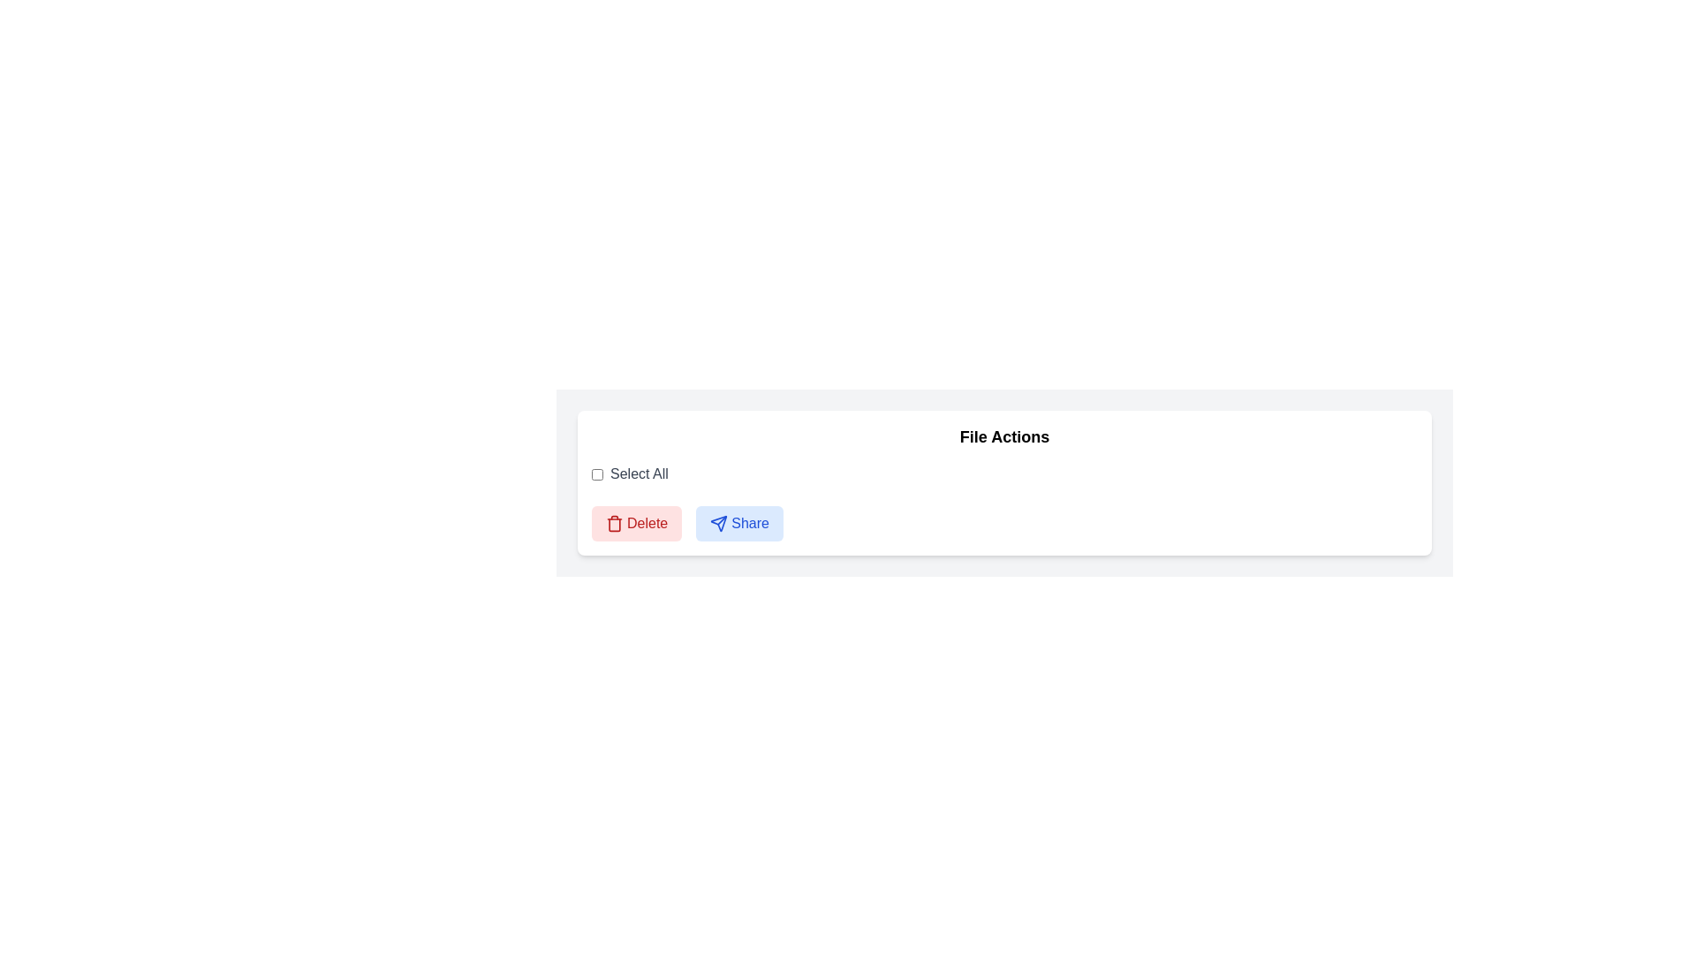  I want to click on the trash can icon within the red 'Delete' button located on the left side of the button group, so click(615, 523).